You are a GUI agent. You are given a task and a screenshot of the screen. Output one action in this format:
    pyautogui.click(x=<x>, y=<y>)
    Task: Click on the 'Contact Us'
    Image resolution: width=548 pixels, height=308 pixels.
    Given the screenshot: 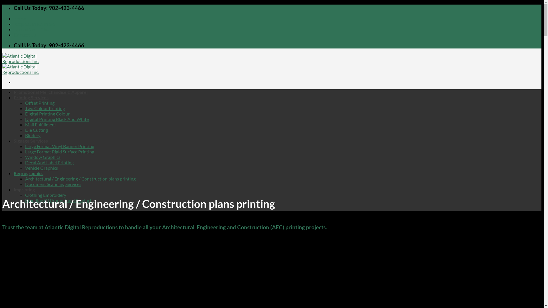 What is the action you would take?
    pyautogui.click(x=25, y=35)
    